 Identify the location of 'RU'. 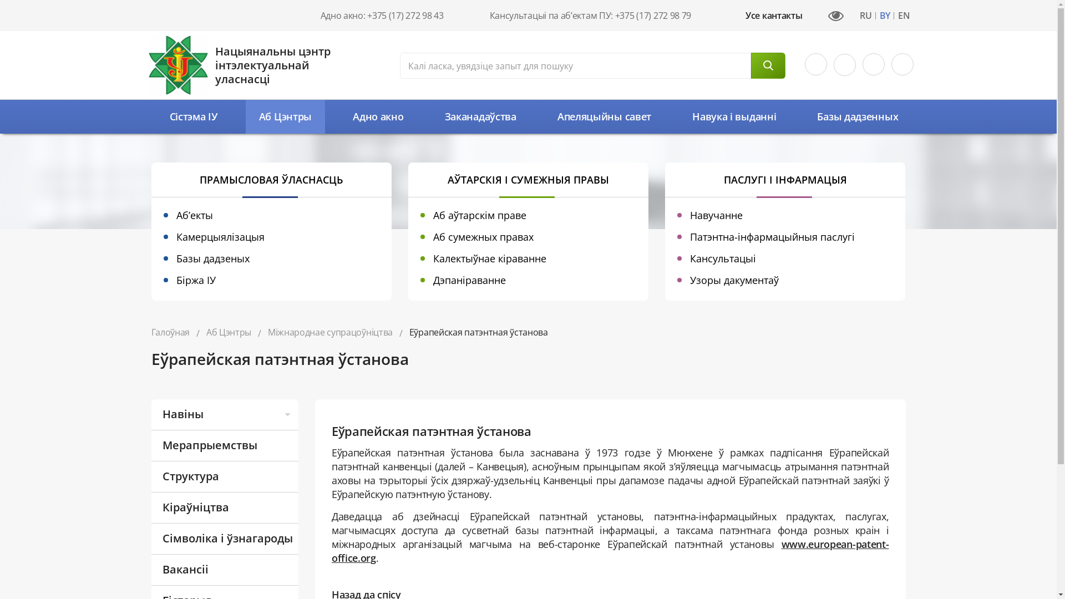
(865, 16).